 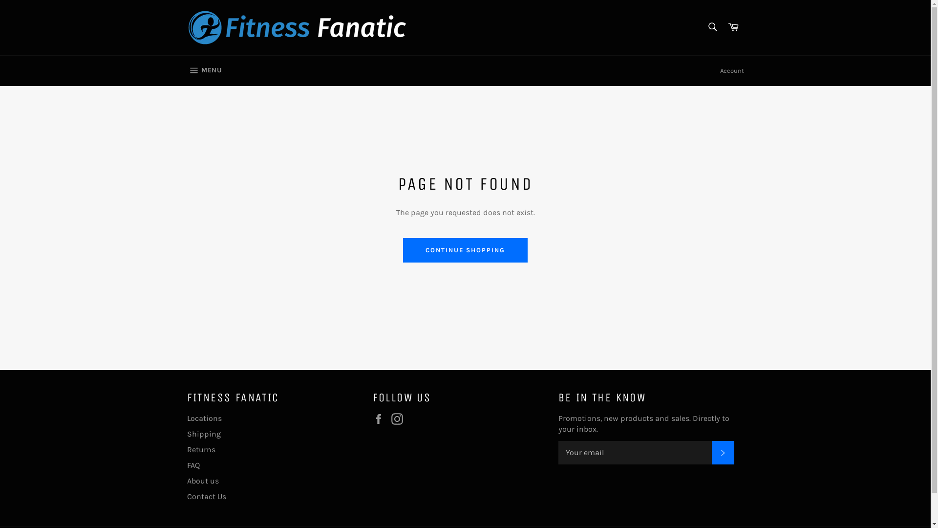 I want to click on 'CONTINUE SHOPPING', so click(x=403, y=250).